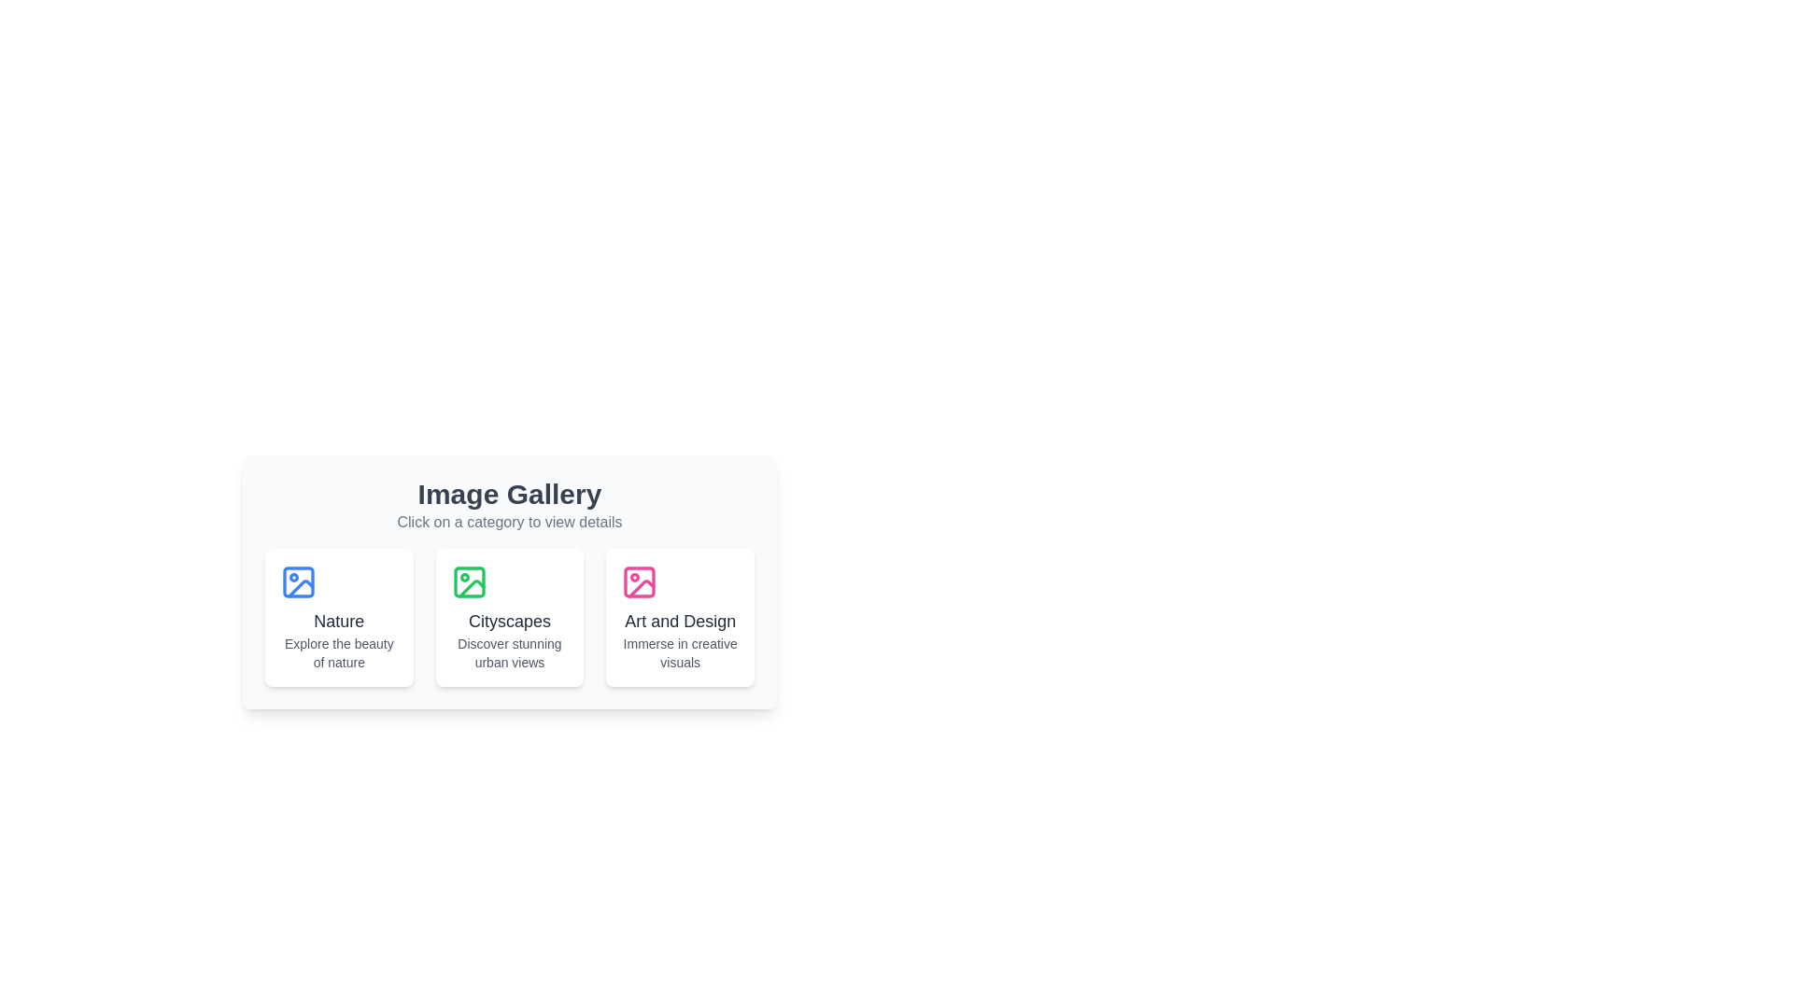 The height and width of the screenshot is (1008, 1793). What do you see at coordinates (339, 651) in the screenshot?
I see `the descriptive caption or subtitle text located within the 'Nature' card, which is positioned directly below the text 'Nature' and aligned centrally within the card` at bounding box center [339, 651].